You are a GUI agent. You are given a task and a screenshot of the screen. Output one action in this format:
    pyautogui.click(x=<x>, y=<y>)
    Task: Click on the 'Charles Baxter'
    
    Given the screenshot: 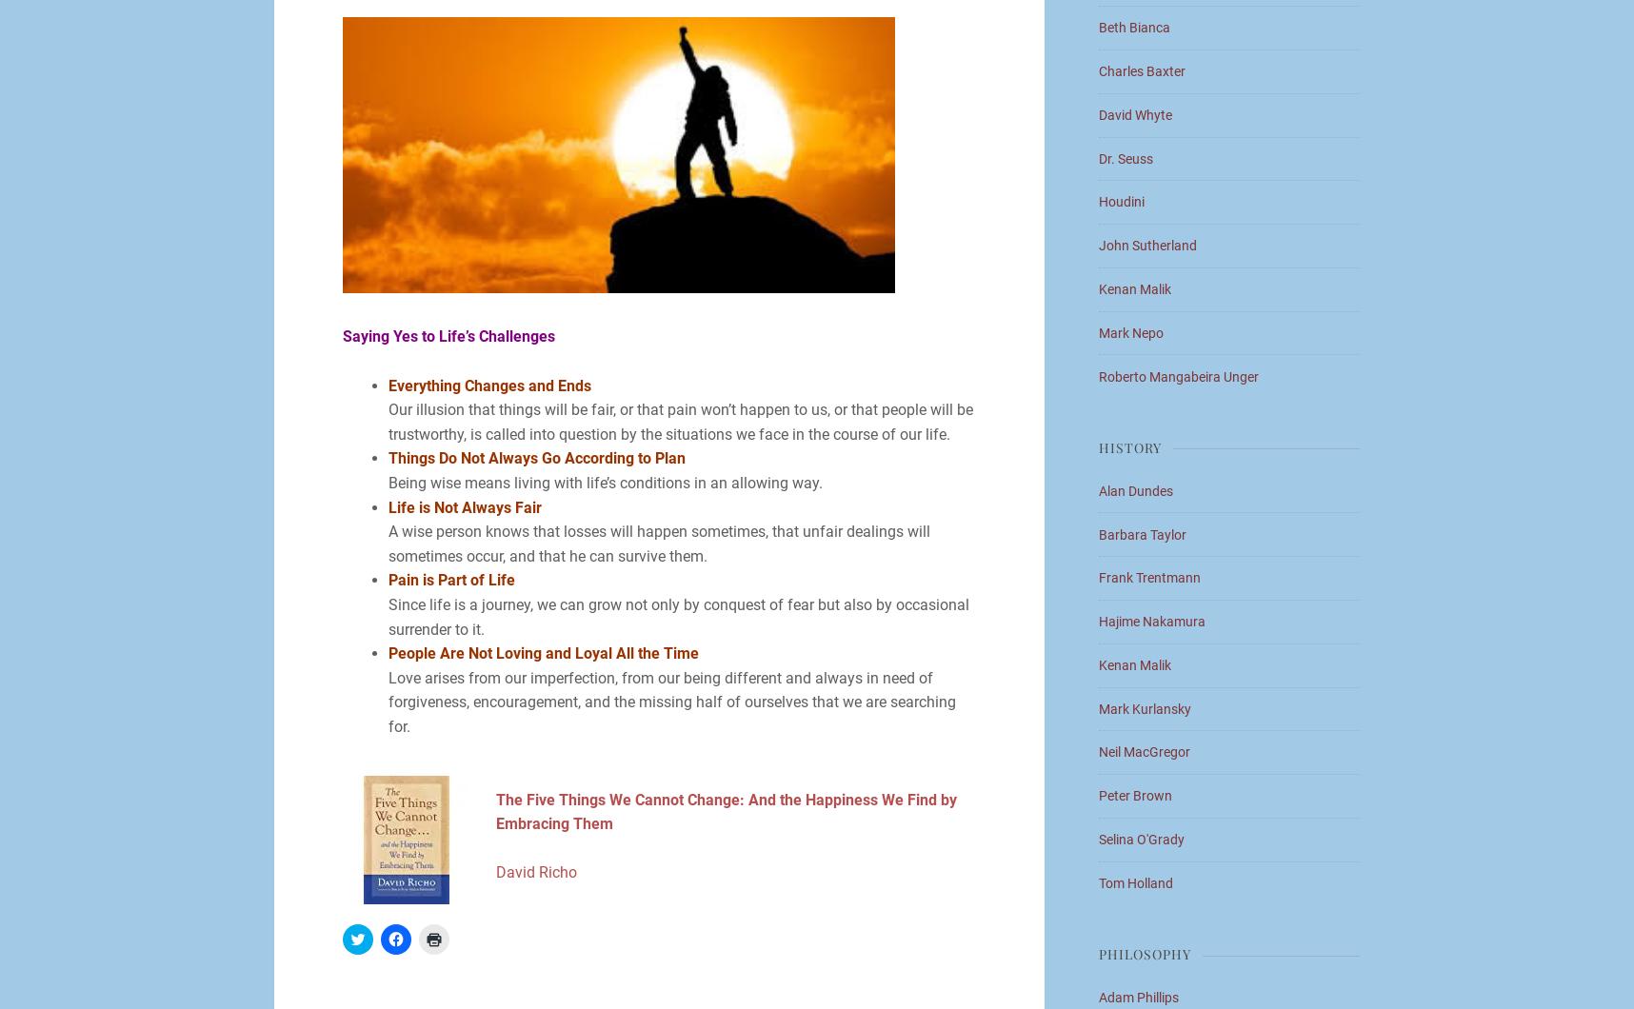 What is the action you would take?
    pyautogui.click(x=1142, y=71)
    